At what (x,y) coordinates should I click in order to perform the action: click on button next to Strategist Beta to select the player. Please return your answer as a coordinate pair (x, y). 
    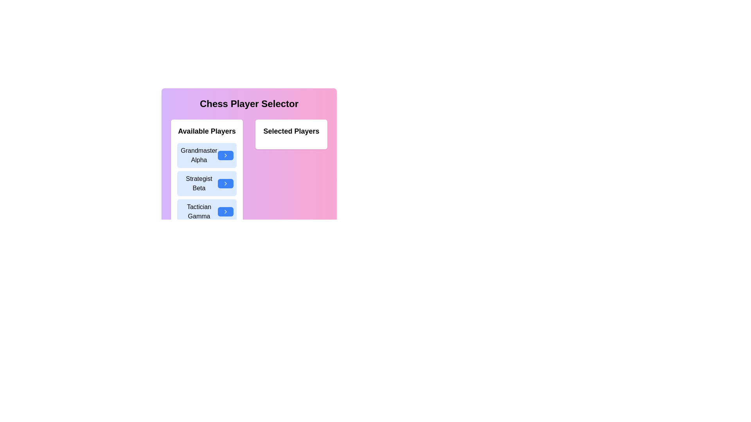
    Looking at the image, I should click on (225, 184).